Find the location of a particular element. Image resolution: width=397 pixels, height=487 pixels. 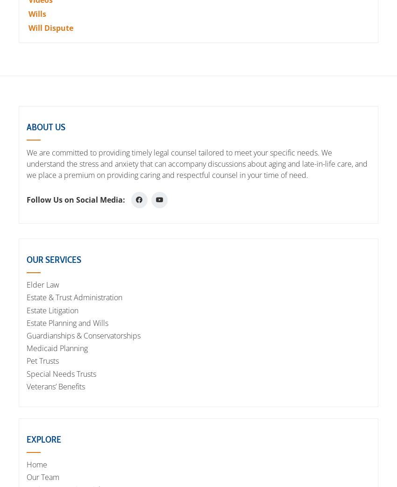

'Follow Us on Social Media:' is located at coordinates (76, 200).